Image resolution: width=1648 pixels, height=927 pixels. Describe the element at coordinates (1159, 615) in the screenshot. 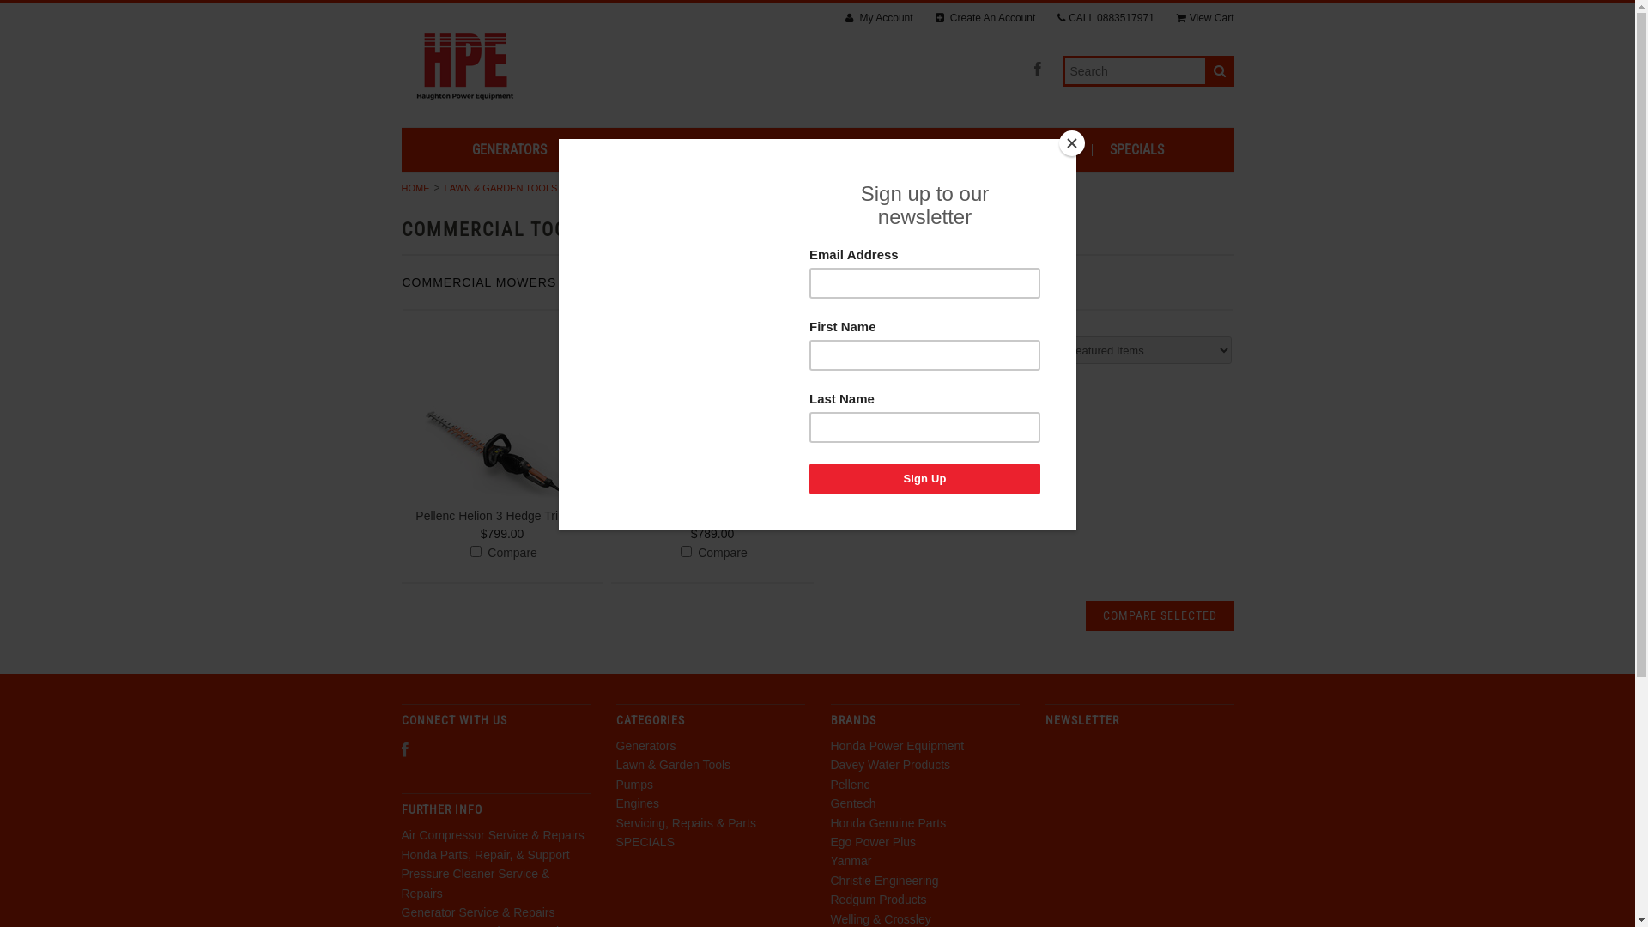

I see `'Compare Selected'` at that location.